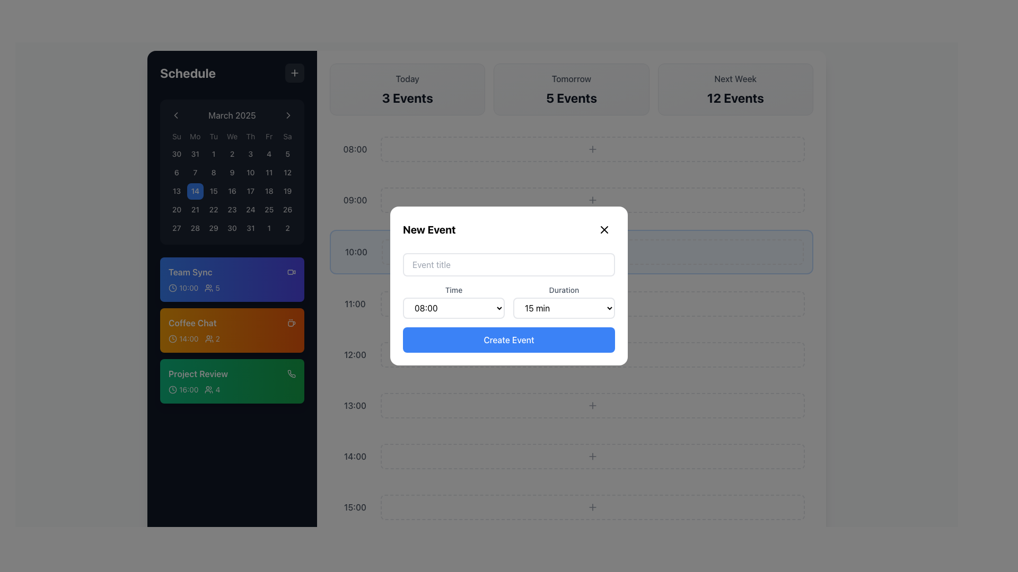 The image size is (1018, 572). Describe the element at coordinates (177, 172) in the screenshot. I see `the square button displaying the number '6'` at that location.